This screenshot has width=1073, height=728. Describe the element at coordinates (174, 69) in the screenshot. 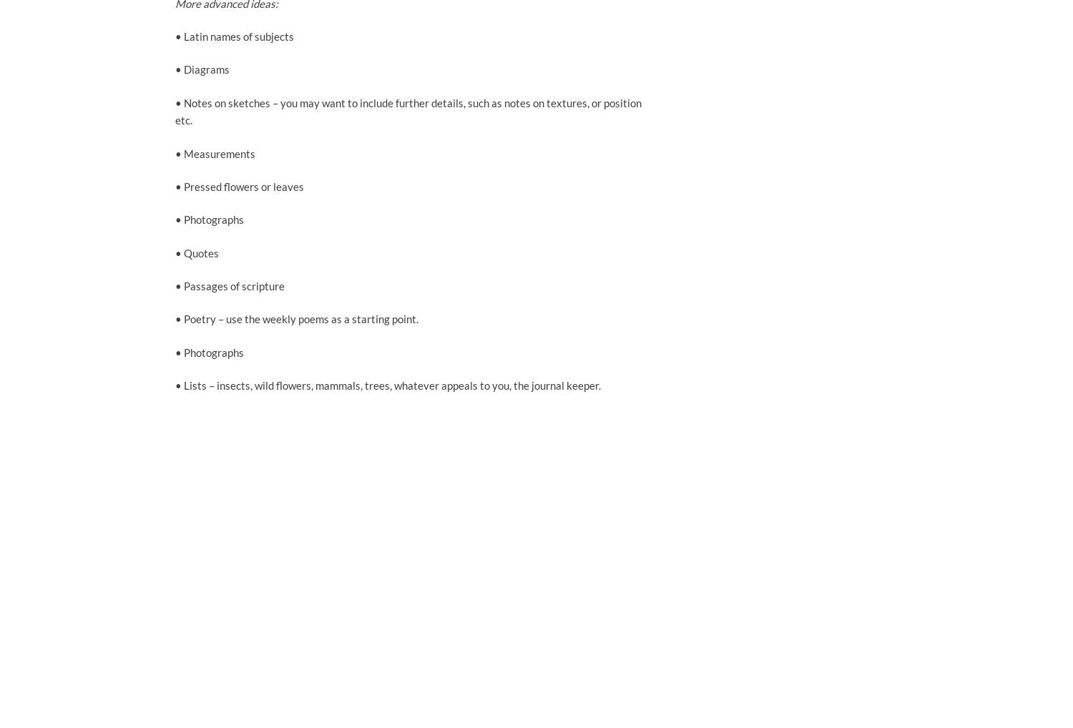

I see `'• Diagrams'` at that location.